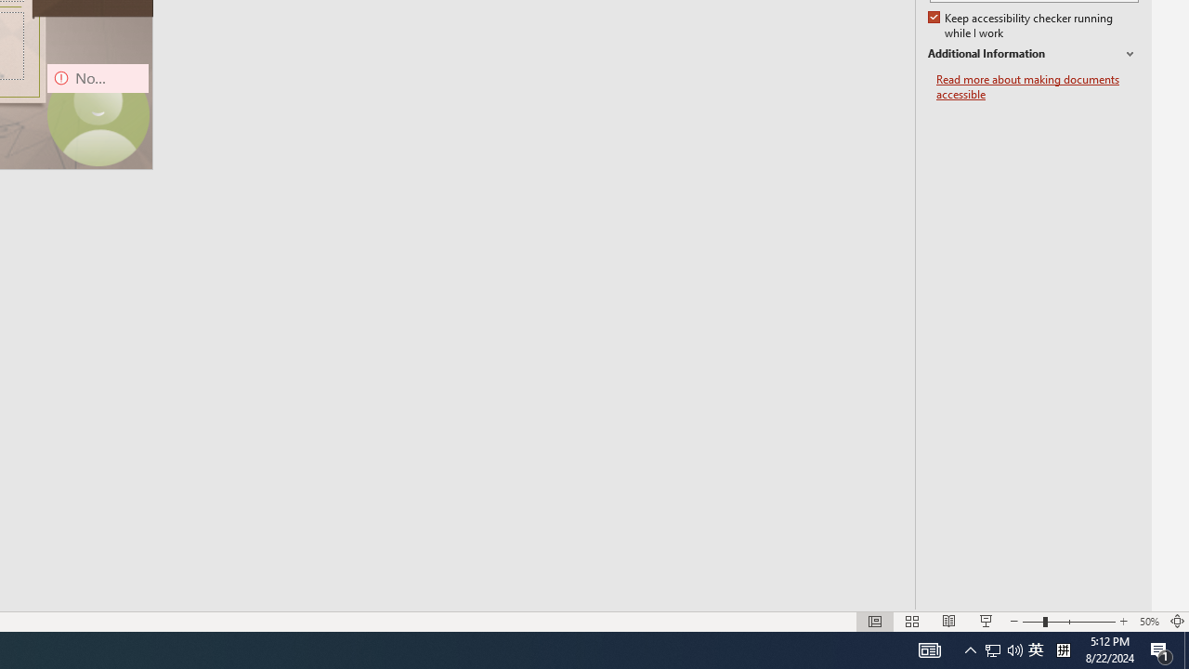 The height and width of the screenshot is (669, 1189). I want to click on 'Zoom to Fit ', so click(1176, 622).